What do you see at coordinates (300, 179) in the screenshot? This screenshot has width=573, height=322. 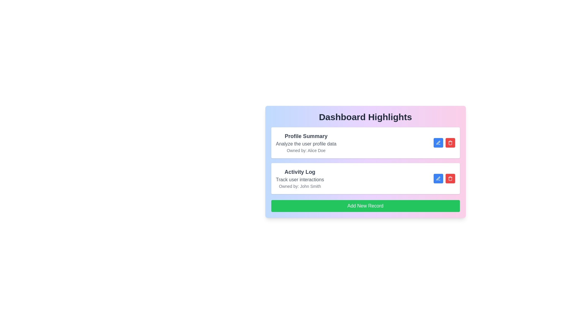 I see `the static text label that informs users about the purpose of the 'Activity Log' section, positioned beneath the 'Activity Log' title and above the ownership information` at bounding box center [300, 179].